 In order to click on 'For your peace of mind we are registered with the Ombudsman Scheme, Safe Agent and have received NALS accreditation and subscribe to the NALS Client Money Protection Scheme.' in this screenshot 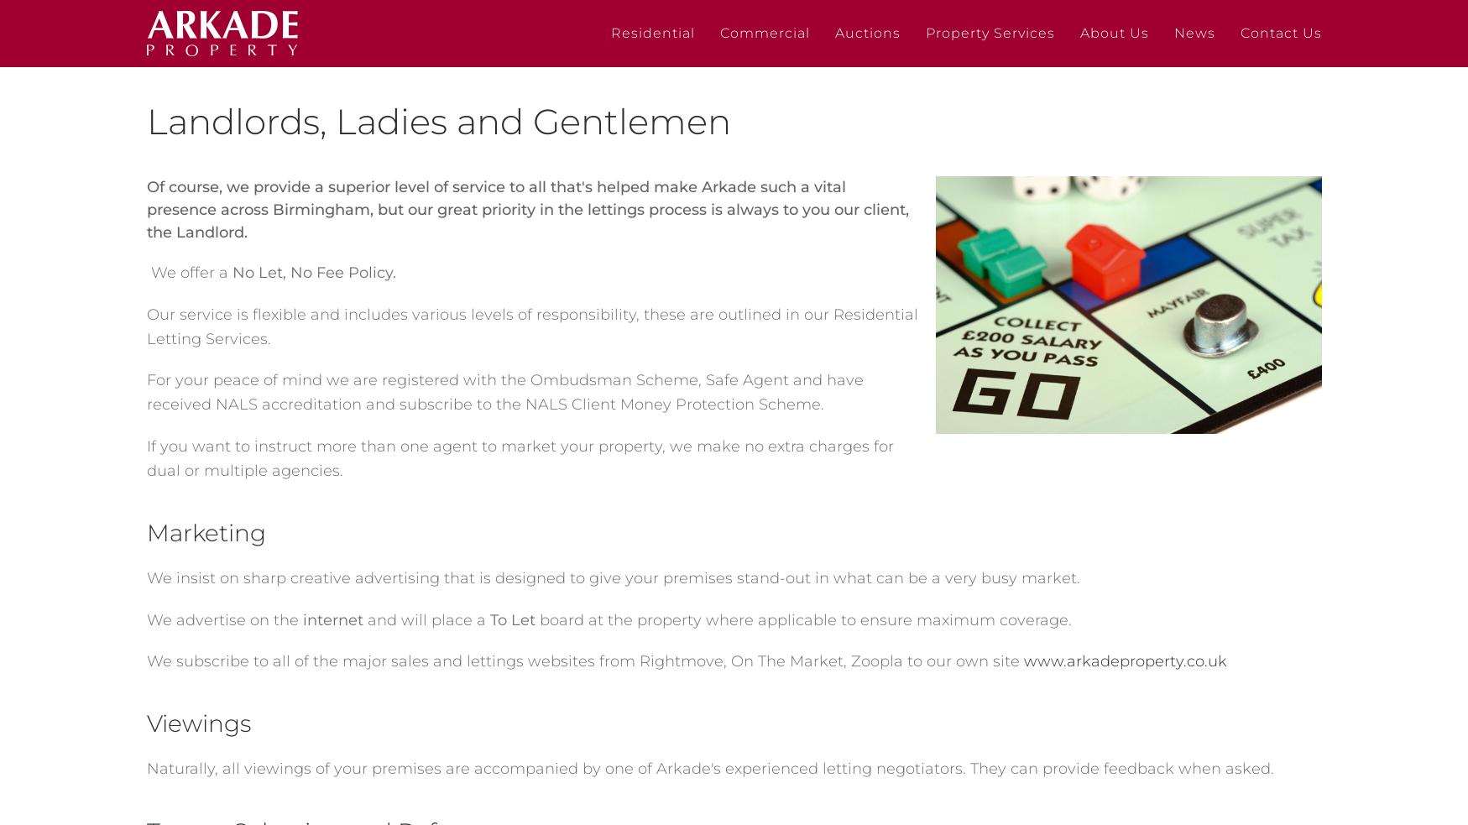, I will do `click(503, 391)`.